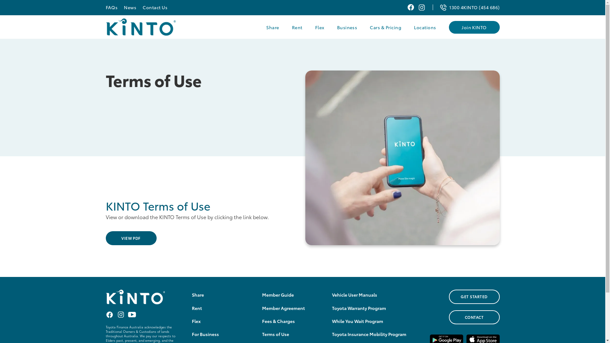 Image resolution: width=610 pixels, height=343 pixels. Describe the element at coordinates (260, 27) in the screenshot. I see `'Share'` at that location.